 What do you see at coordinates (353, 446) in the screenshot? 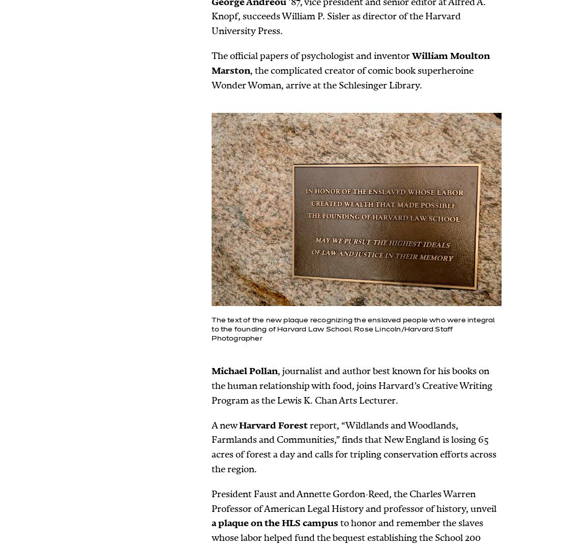
I see `'report, “Wildlands and Woodlands, Farmlands and Communities,” finds that New England is losing 65 acres of forest a day and calls for tripling conservation efforts across the region.'` at bounding box center [353, 446].